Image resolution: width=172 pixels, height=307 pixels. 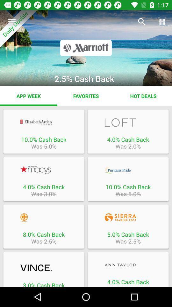 I want to click on offer, so click(x=43, y=122).